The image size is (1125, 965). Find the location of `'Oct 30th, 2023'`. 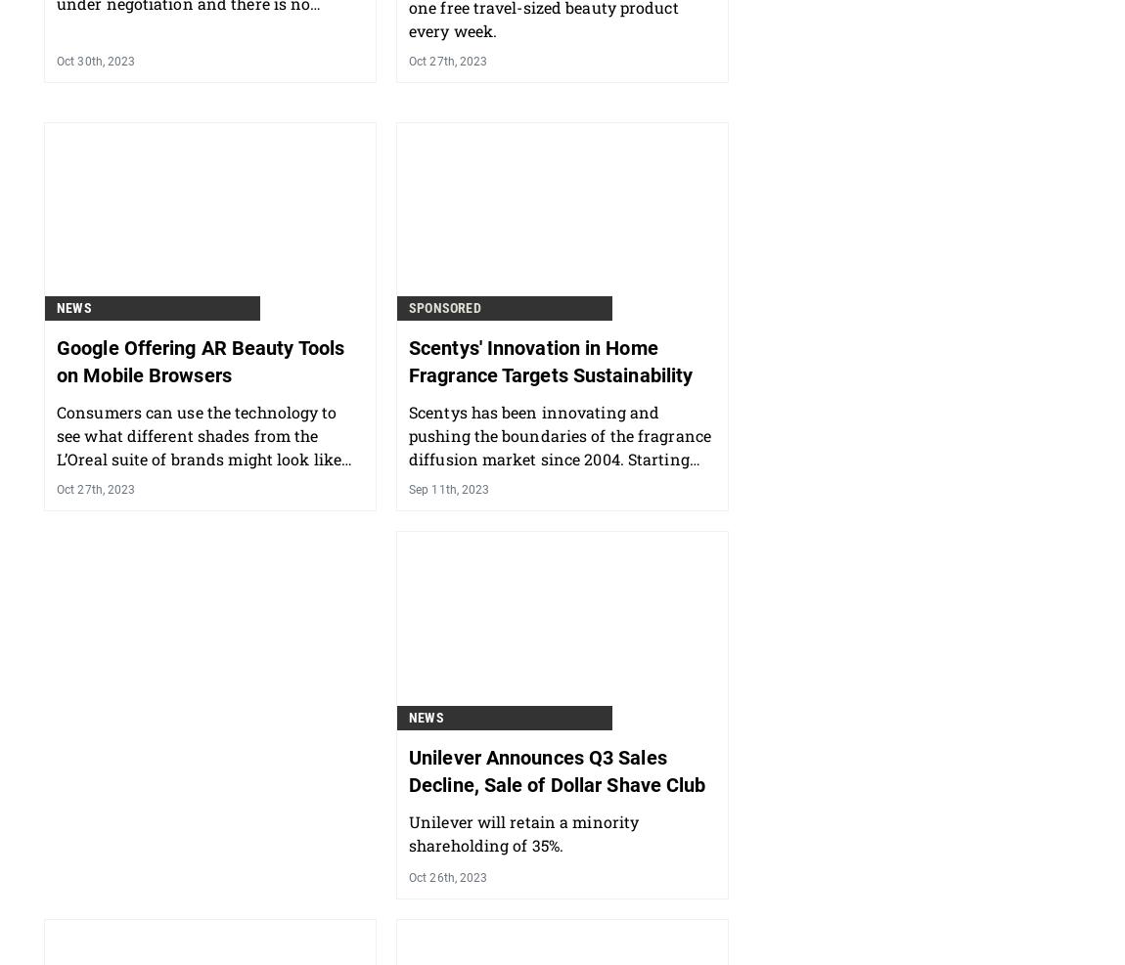

'Oct 30th, 2023' is located at coordinates (94, 162).